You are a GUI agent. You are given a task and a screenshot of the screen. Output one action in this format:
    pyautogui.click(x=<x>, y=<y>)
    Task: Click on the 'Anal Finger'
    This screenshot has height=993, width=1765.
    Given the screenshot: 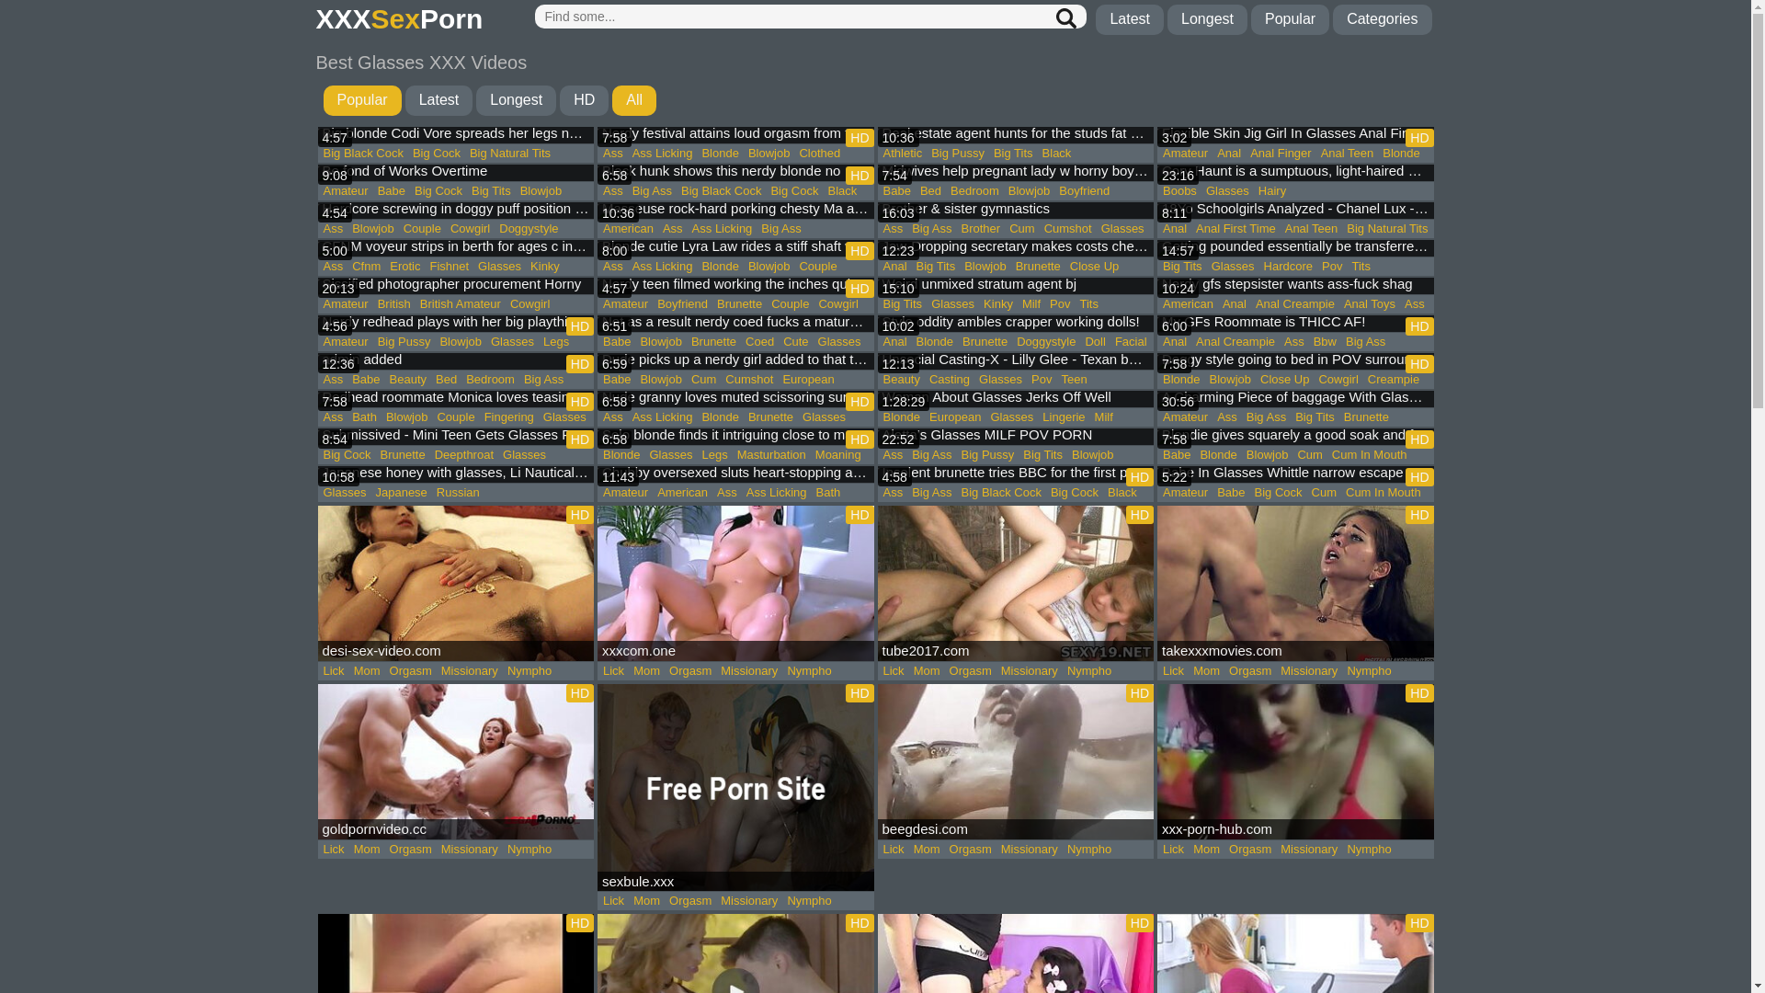 What is the action you would take?
    pyautogui.click(x=1279, y=152)
    